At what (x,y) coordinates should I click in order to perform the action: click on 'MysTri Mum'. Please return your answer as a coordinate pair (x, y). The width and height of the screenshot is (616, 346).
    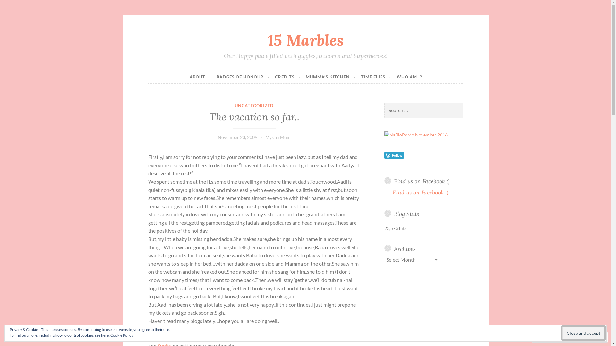
    Looking at the image, I should click on (265, 137).